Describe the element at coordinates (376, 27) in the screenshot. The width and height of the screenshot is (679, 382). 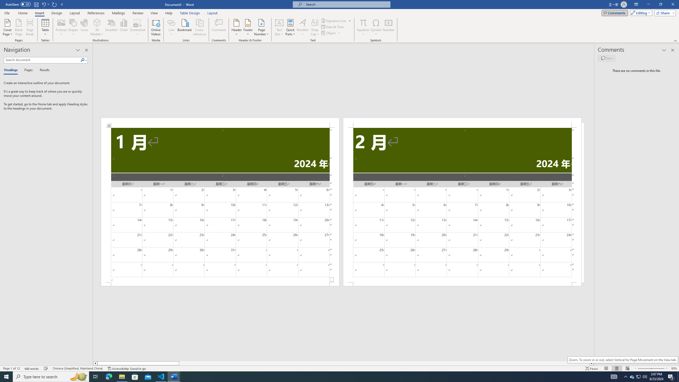
I see `'Symbol'` at that location.